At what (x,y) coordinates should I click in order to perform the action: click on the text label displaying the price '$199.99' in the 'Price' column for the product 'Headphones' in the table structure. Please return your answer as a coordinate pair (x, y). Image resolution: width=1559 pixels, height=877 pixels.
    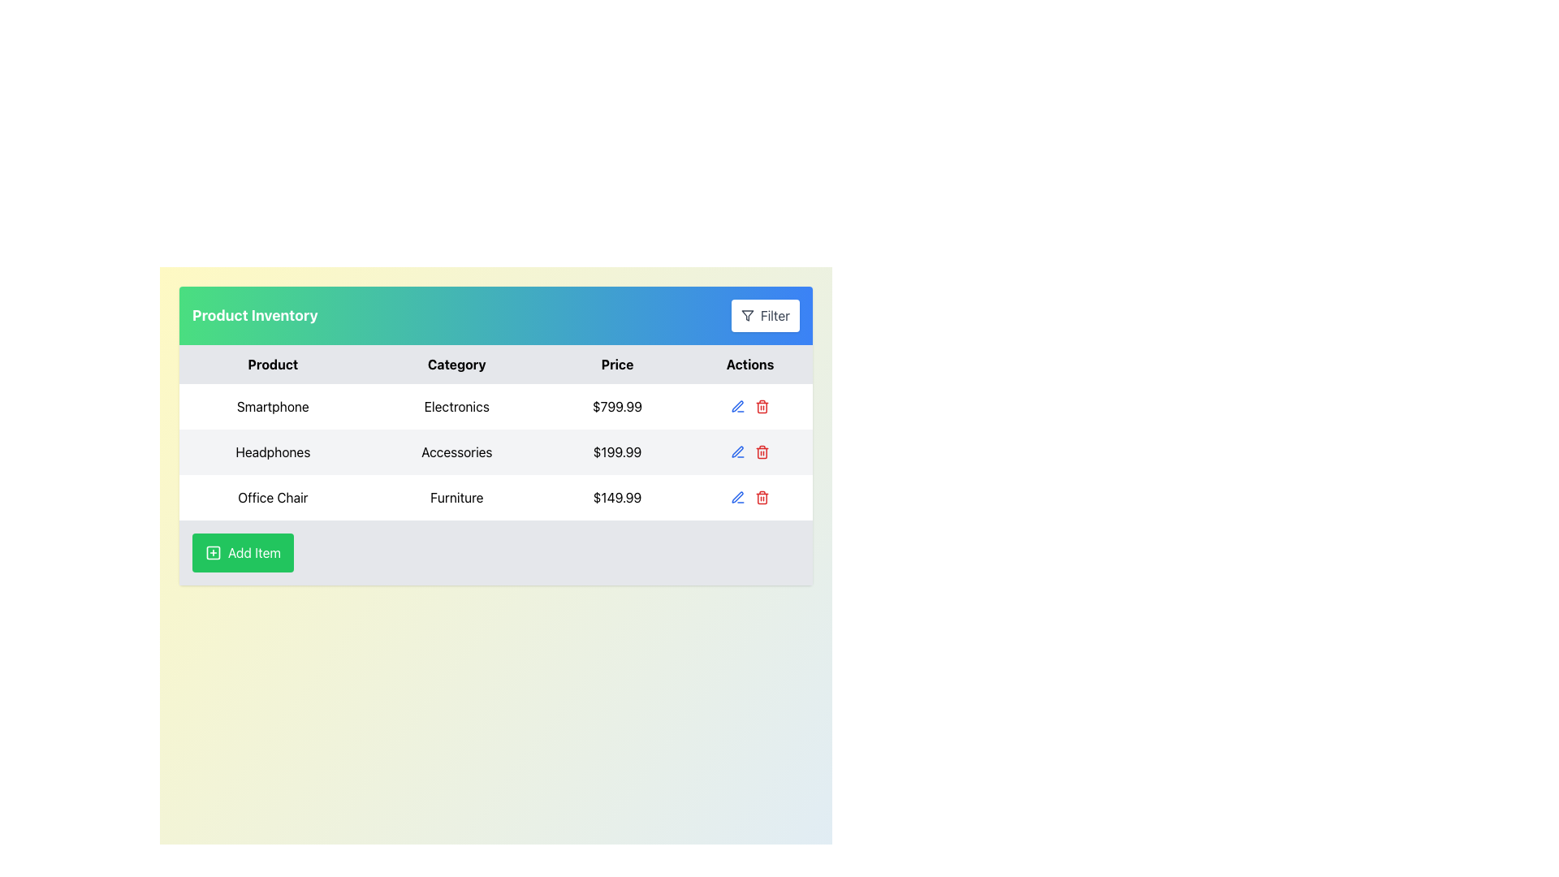
    Looking at the image, I should click on (616, 451).